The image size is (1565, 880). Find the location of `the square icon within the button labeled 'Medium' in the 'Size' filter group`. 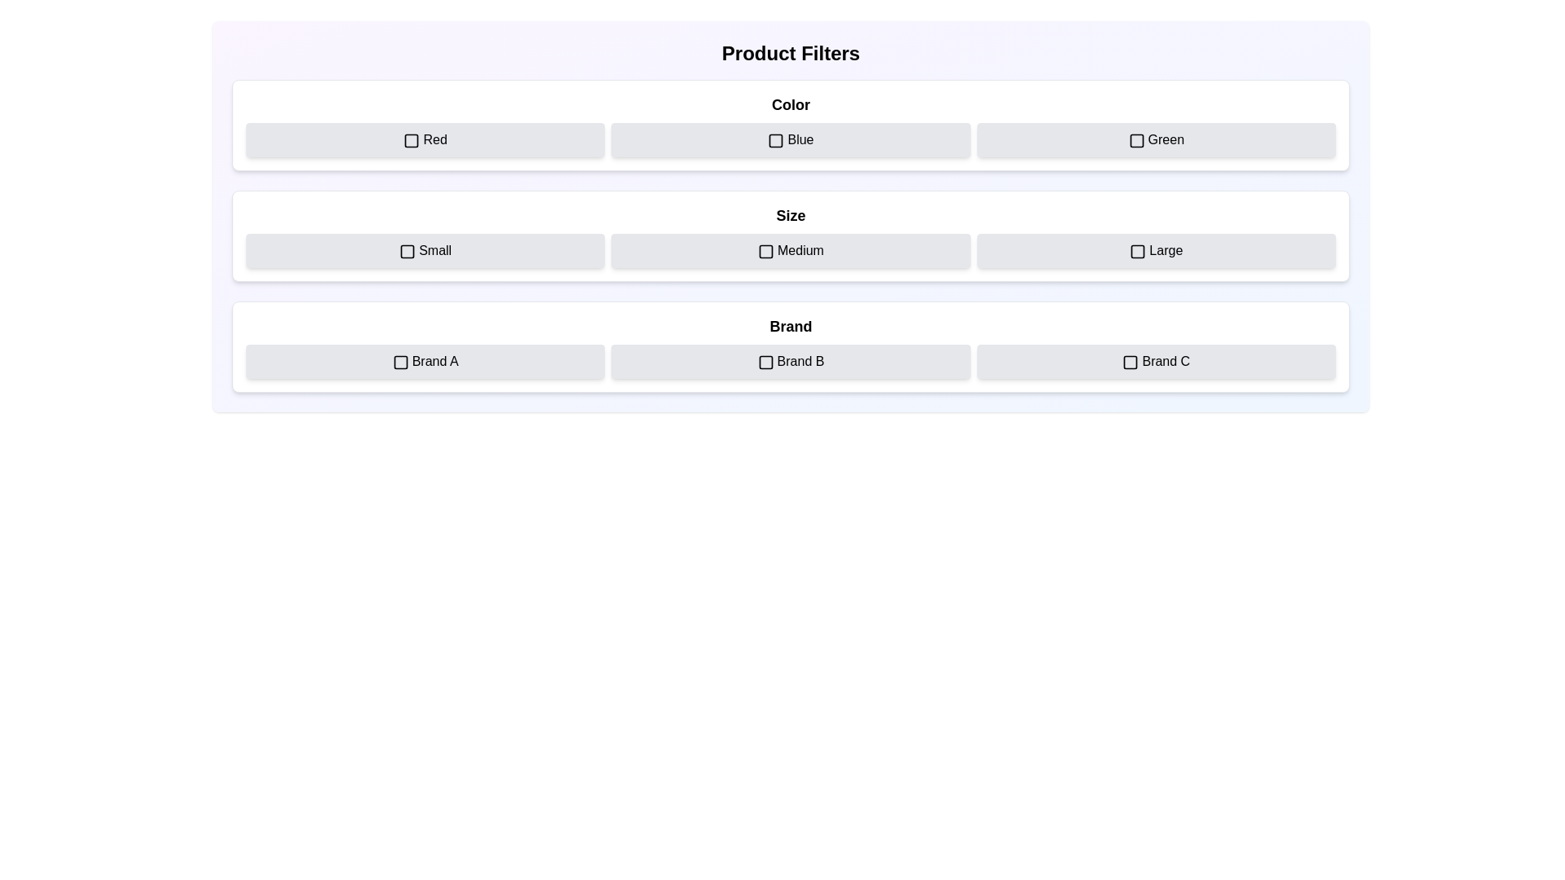

the square icon within the button labeled 'Medium' in the 'Size' filter group is located at coordinates (765, 251).